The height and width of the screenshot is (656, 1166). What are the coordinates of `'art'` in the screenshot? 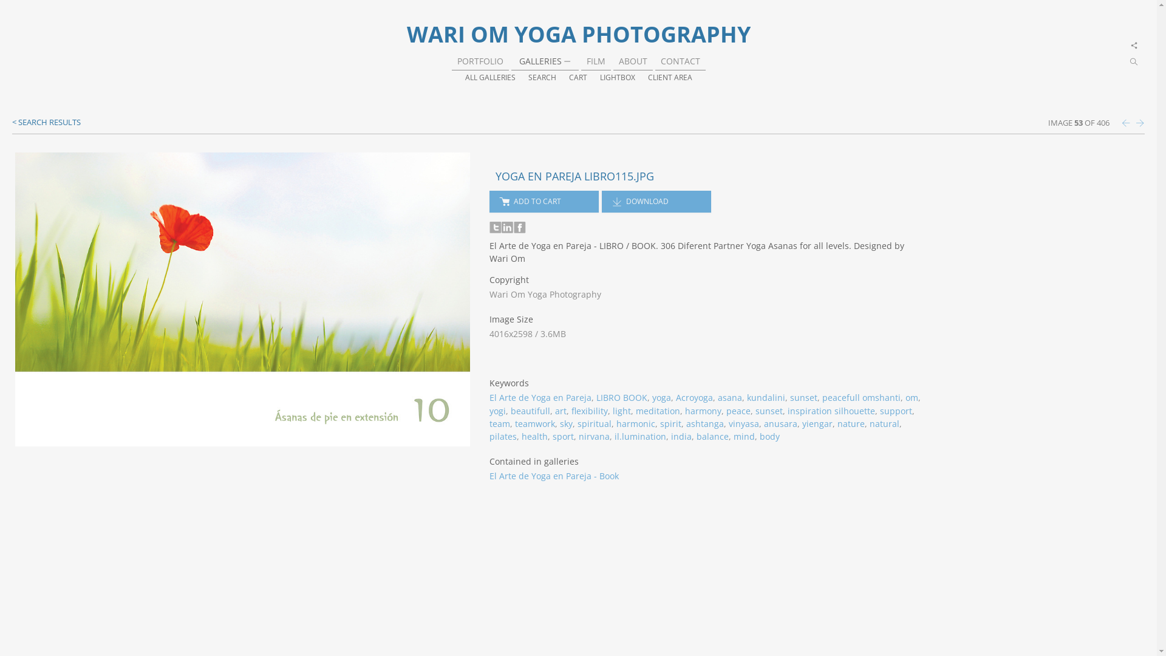 It's located at (560, 410).